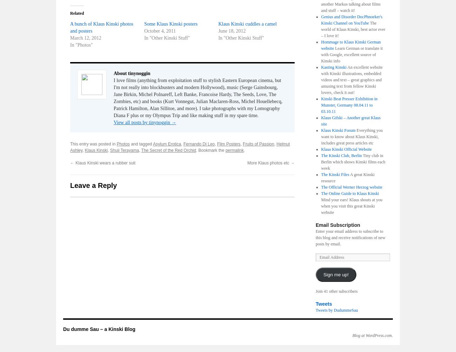 The width and height of the screenshot is (456, 352). Describe the element at coordinates (93, 185) in the screenshot. I see `'Leave a Reply'` at that location.